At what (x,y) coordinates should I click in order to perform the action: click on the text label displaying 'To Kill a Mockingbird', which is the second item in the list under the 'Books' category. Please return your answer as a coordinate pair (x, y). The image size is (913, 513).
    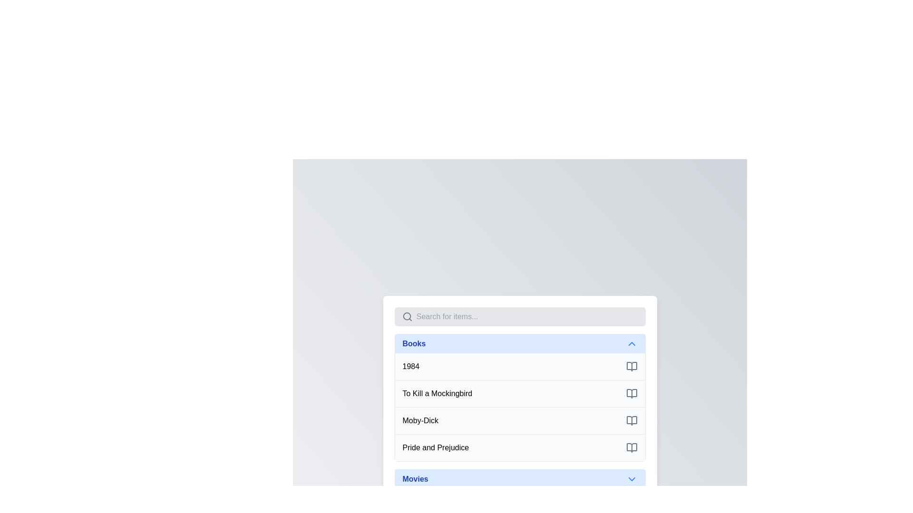
    Looking at the image, I should click on (437, 393).